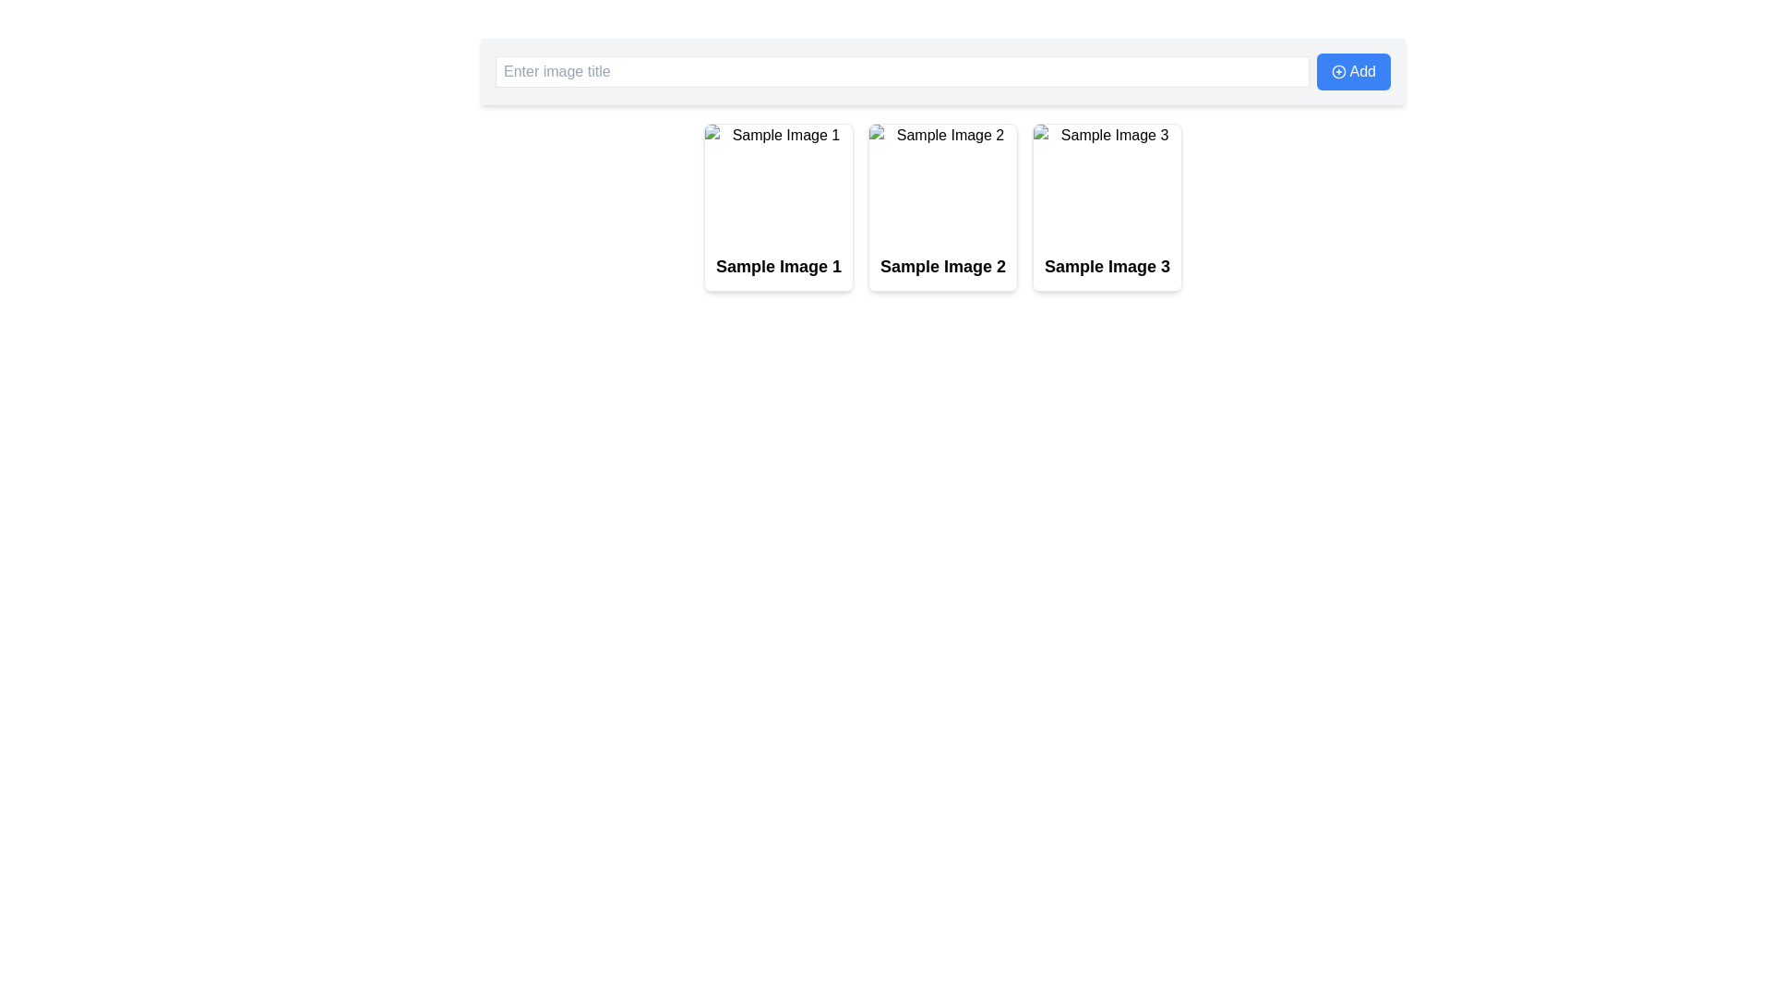 The image size is (1772, 997). I want to click on the composite input field and action button for adding an image title, located at the top of the interface, horizontally centered, so click(943, 70).